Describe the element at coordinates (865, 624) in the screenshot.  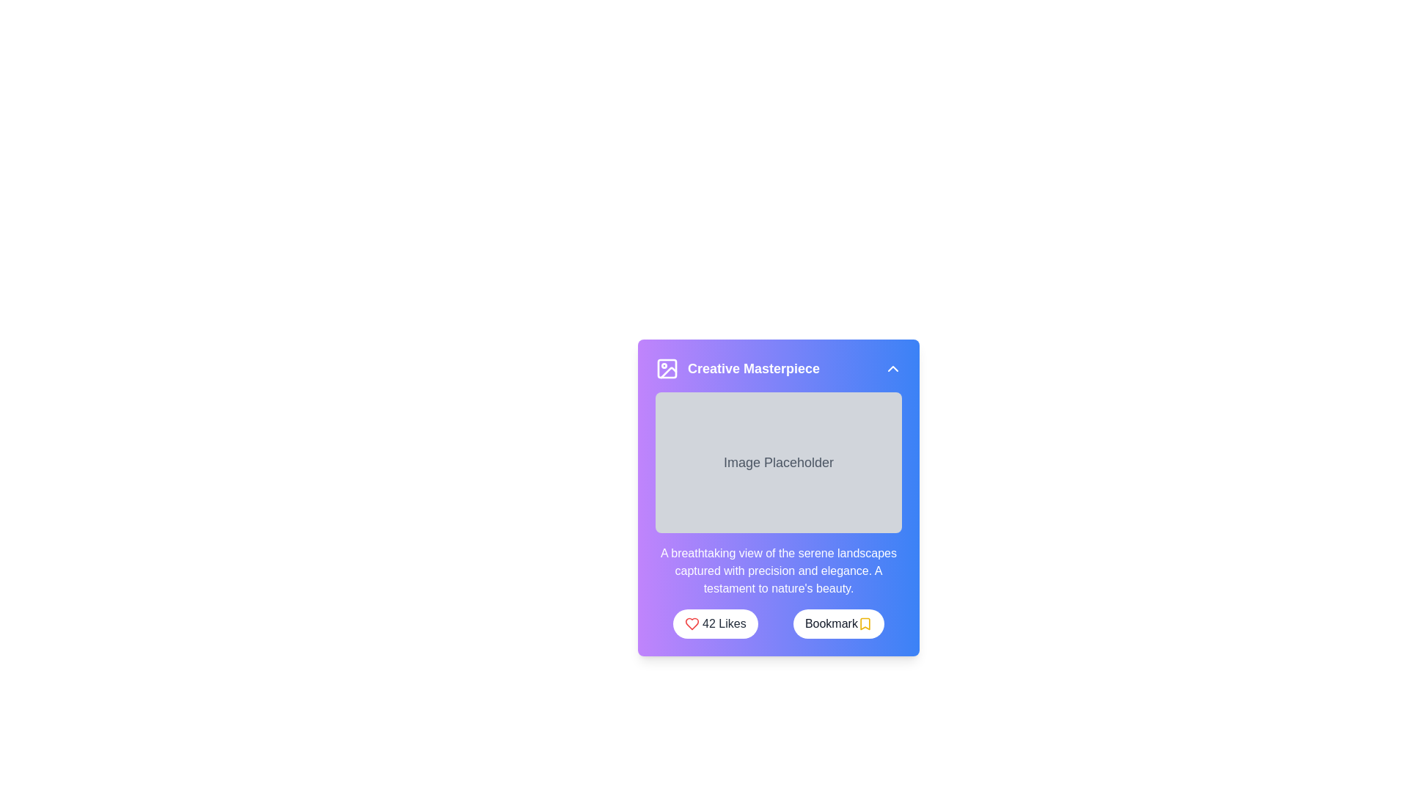
I see `the yellow bookmark-shaped icon located to the left of the 'Bookmark' text inside the white oval button at the bottom-right of the card` at that location.